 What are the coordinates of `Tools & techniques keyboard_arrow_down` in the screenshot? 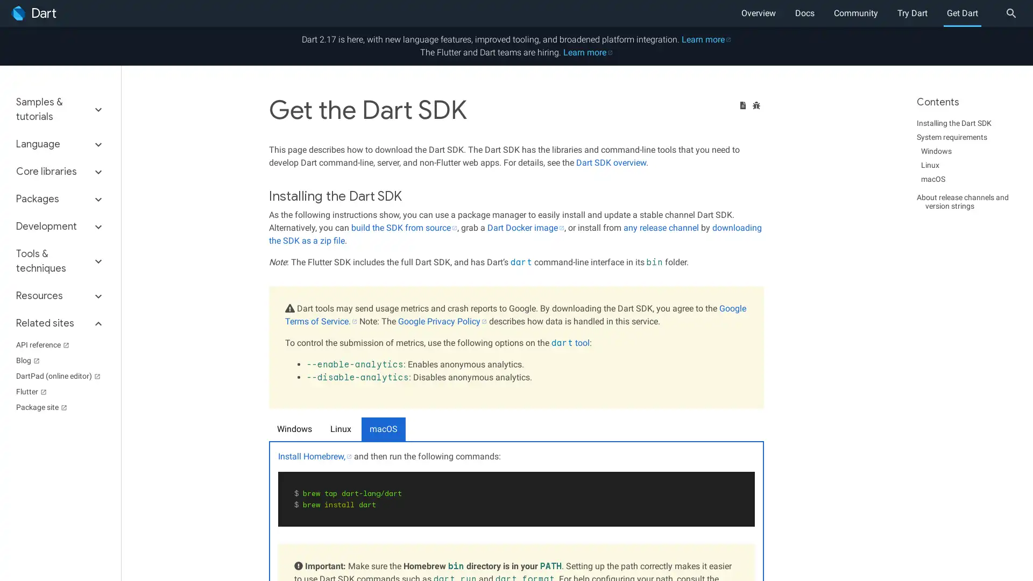 It's located at (60, 261).